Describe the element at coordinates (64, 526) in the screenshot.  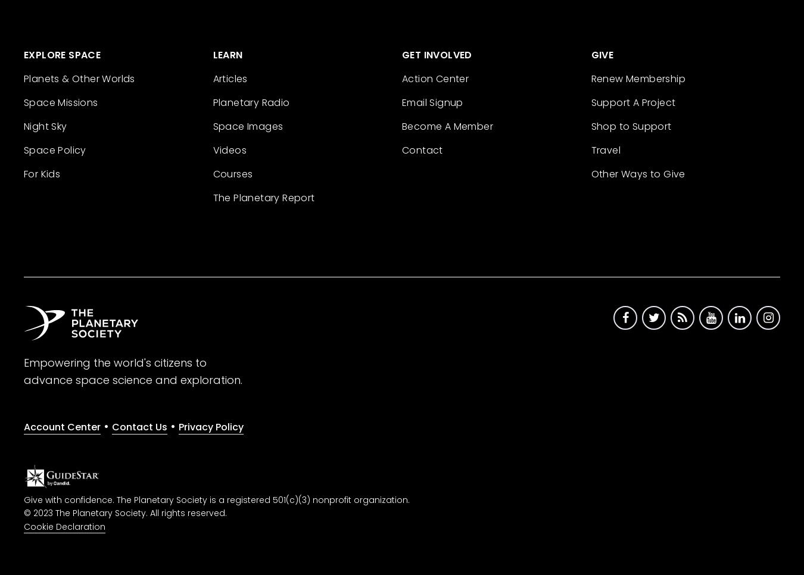
I see `'Cookie Declaration'` at that location.